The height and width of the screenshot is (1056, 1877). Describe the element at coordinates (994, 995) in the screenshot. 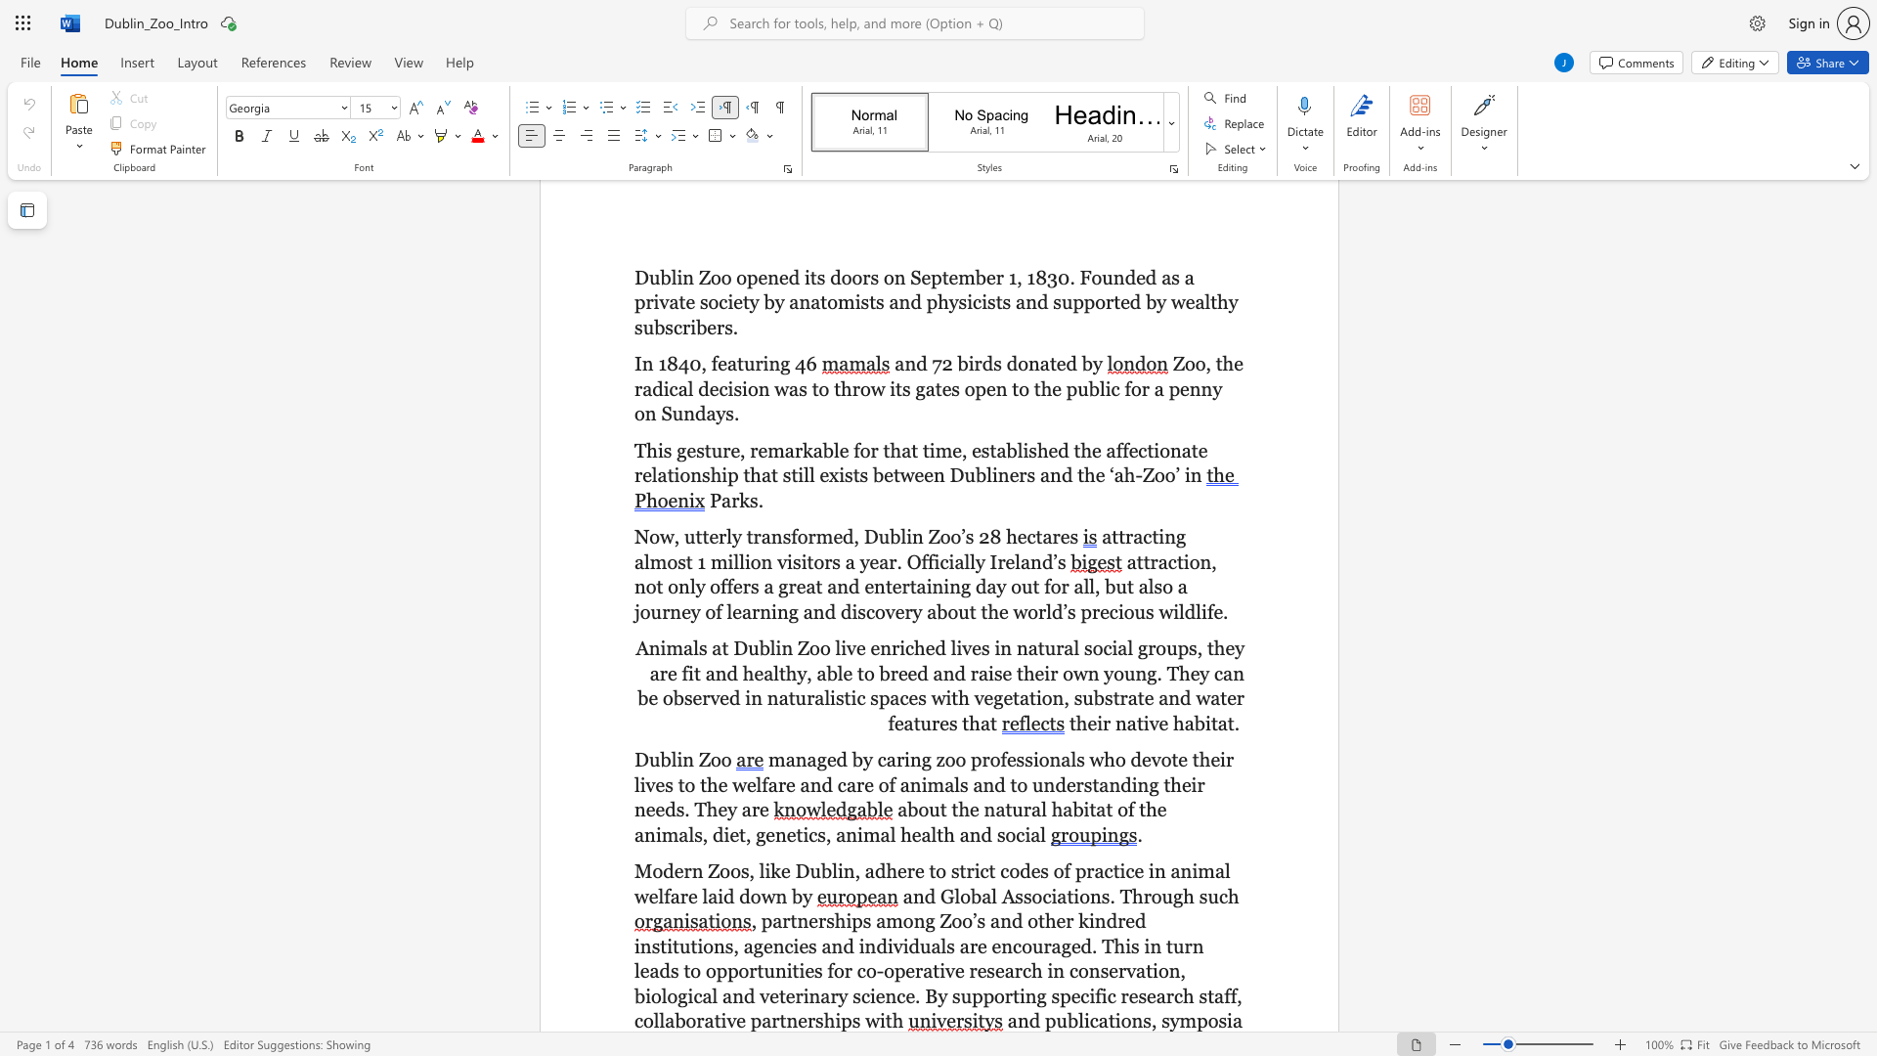

I see `the subset text "orting specific research staff," within the text ", partnerships among Zoo’s and other kindred institutions, agencies and individuals are encouraged. This in turn leads to opportunities for co-operative research in conservation, biological and veterinary science. By supporting specific research staff, collaborative partnerships with"` at that location.